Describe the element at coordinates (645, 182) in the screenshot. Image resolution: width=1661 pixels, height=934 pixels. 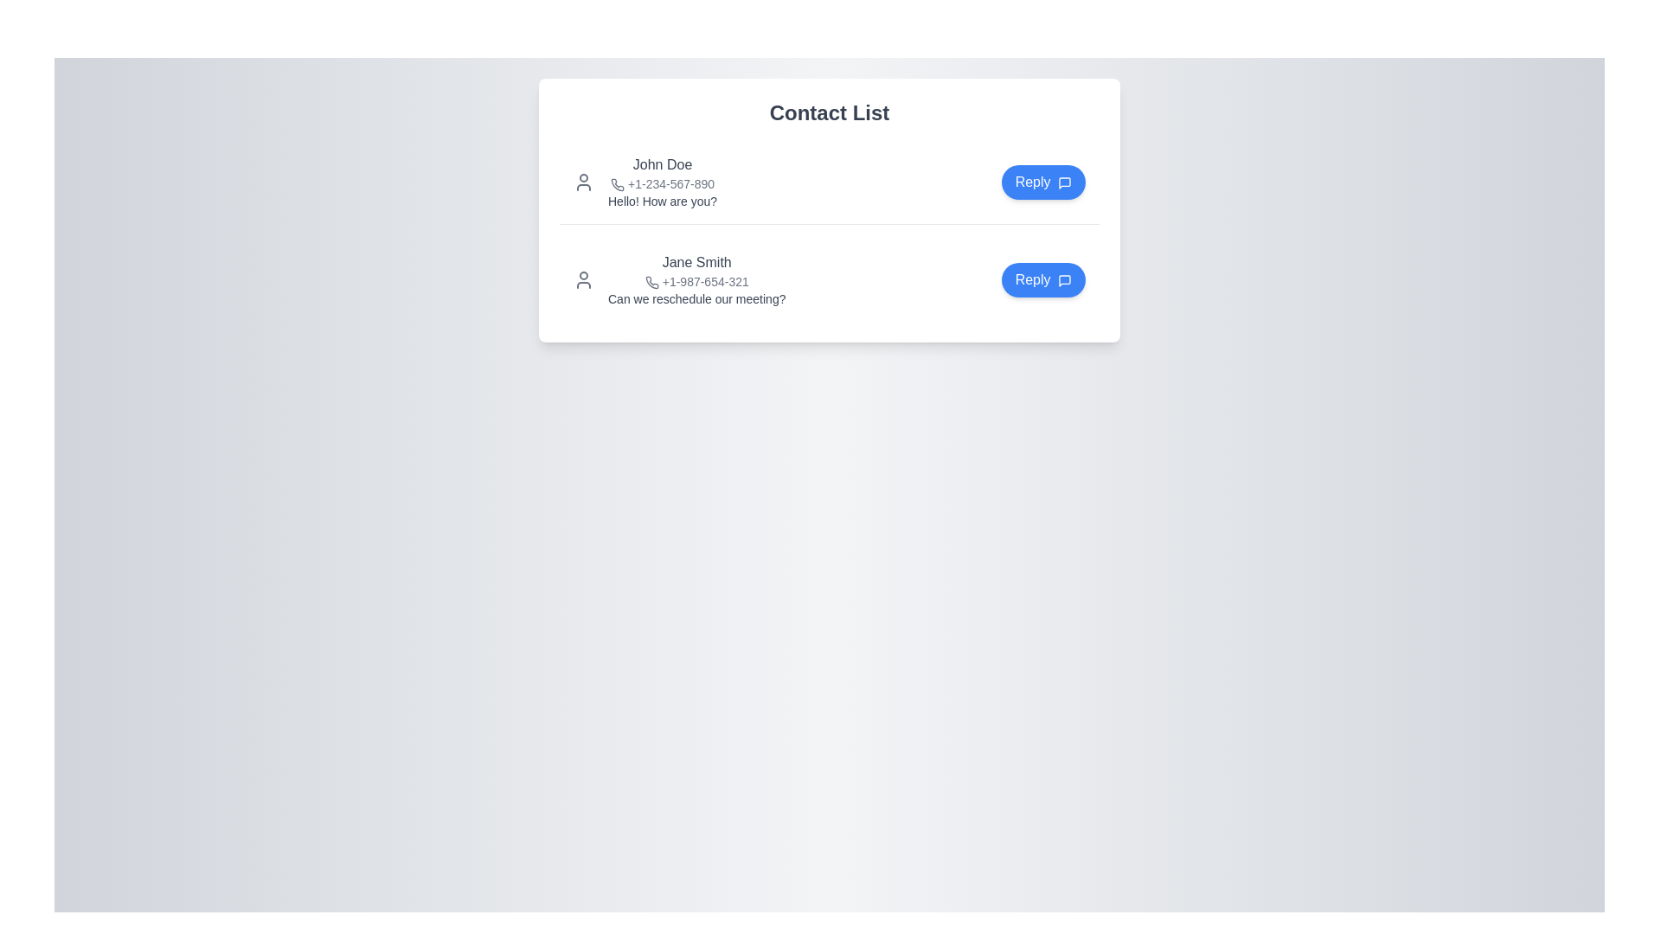
I see `text content of the Text Display that provides contact information and message preview for 'John Doe', located at the top of the contact list` at that location.